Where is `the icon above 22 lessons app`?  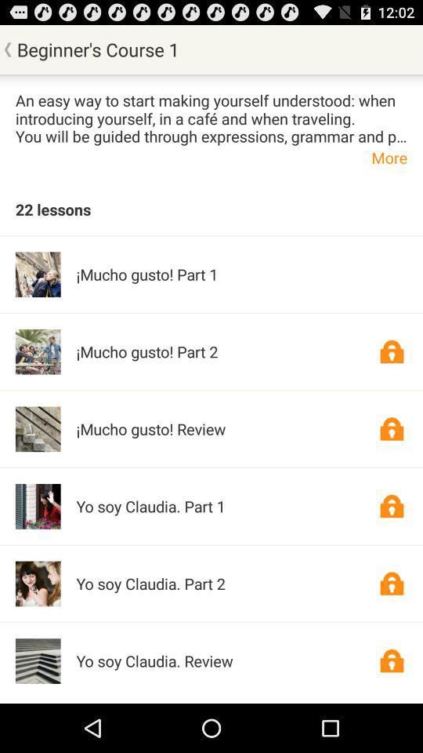 the icon above 22 lessons app is located at coordinates (211, 157).